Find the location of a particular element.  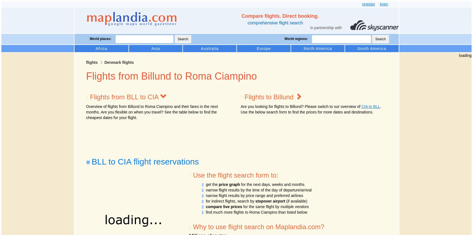

'Are you looking for flights to Billund? Please switch to our overview of' is located at coordinates (301, 106).